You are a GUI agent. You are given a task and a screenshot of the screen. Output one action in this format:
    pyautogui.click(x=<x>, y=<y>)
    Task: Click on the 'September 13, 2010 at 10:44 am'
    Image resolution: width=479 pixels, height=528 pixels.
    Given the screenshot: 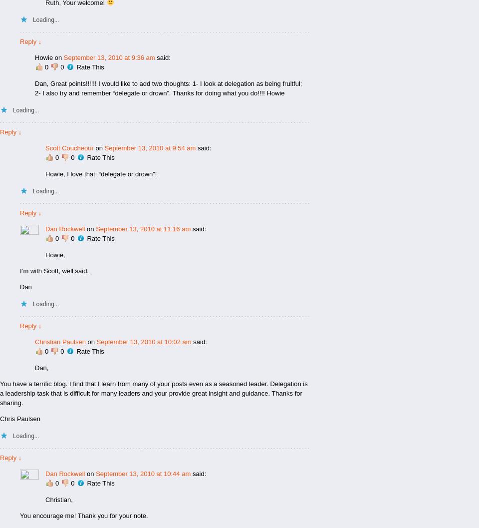 What is the action you would take?
    pyautogui.click(x=143, y=473)
    